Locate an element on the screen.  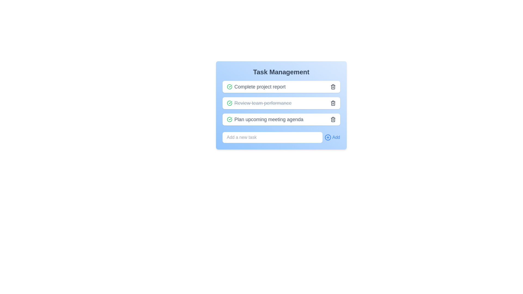
the text label 'Review team performance' which has a strikethrough effect, indicating a completed task in the Task Management section is located at coordinates (259, 103).